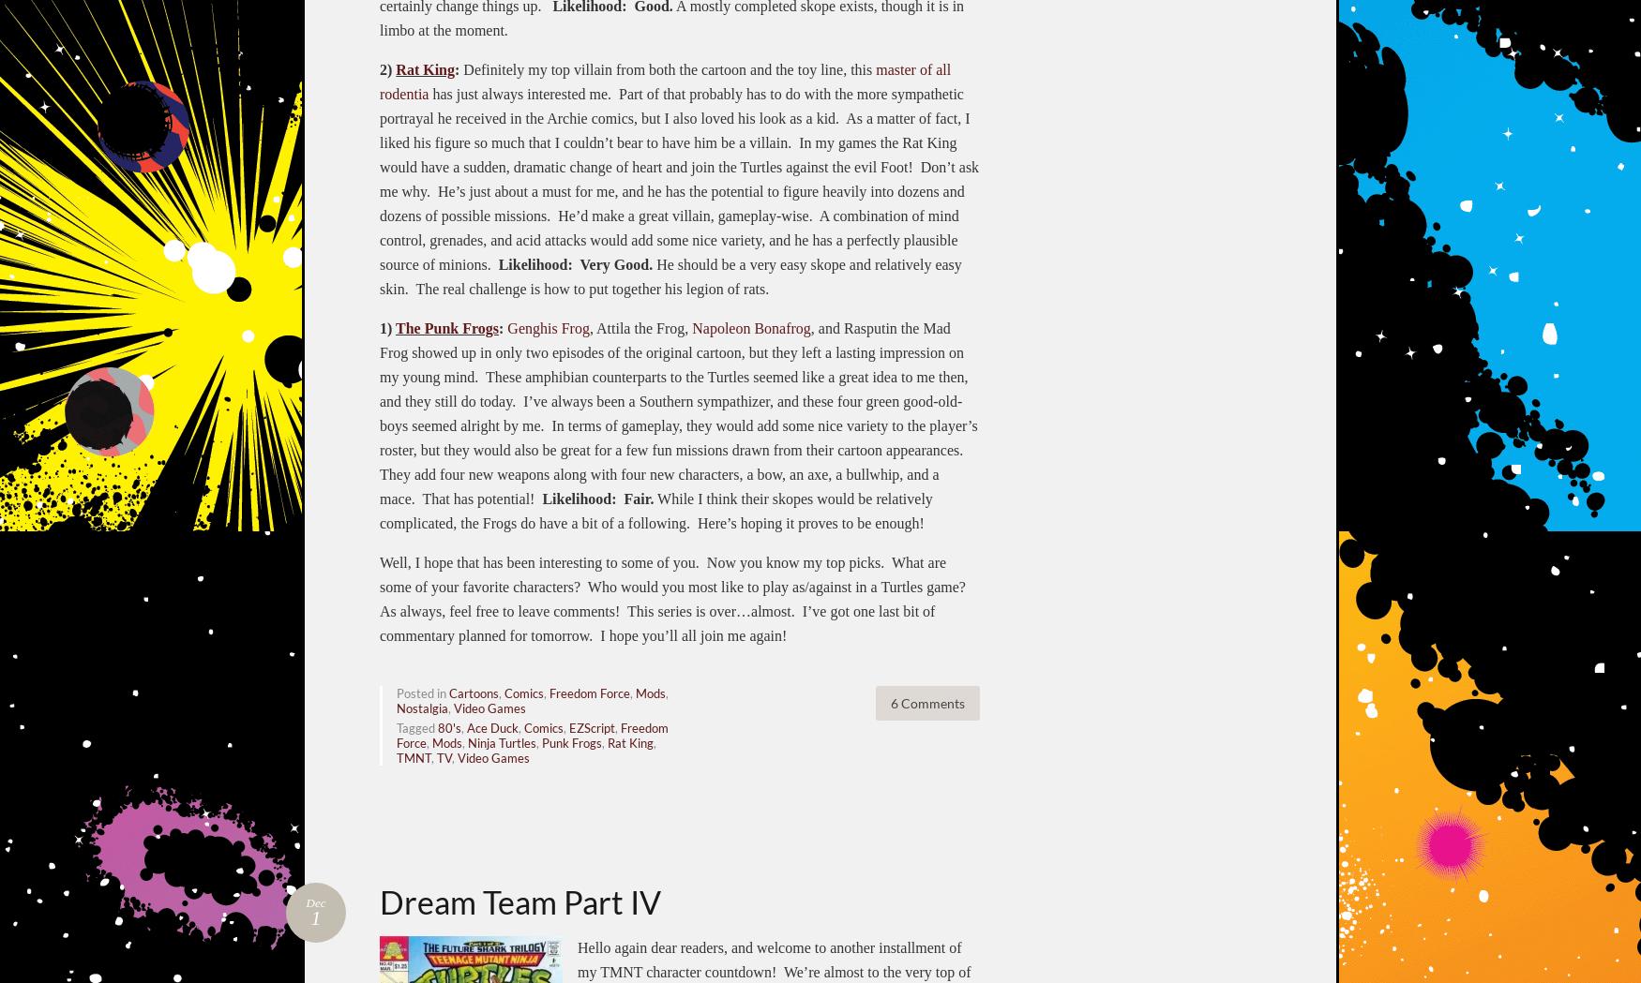 The image size is (1641, 983). I want to click on 'The Punk Frogs', so click(447, 326).